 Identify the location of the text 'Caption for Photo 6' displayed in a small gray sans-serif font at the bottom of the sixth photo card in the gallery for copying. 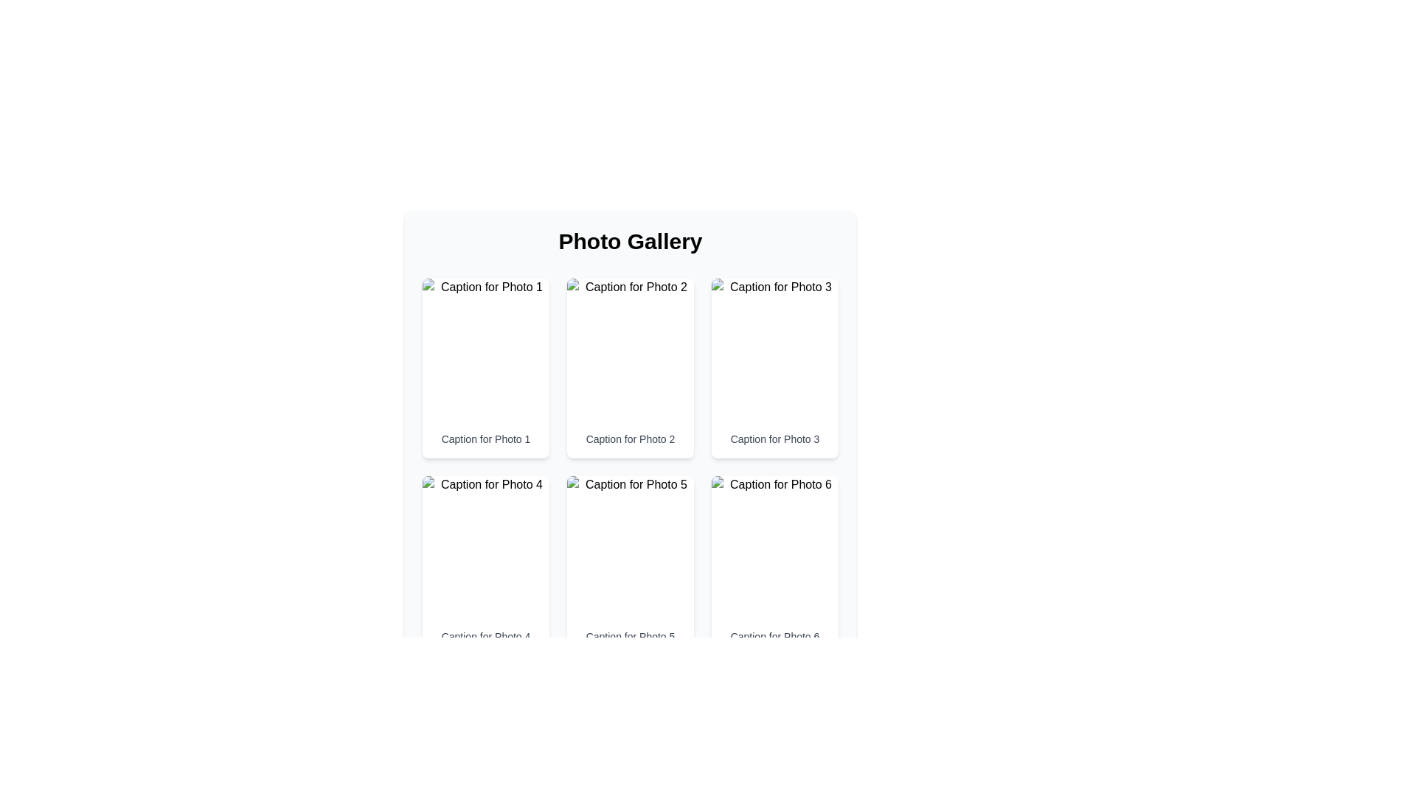
(774, 636).